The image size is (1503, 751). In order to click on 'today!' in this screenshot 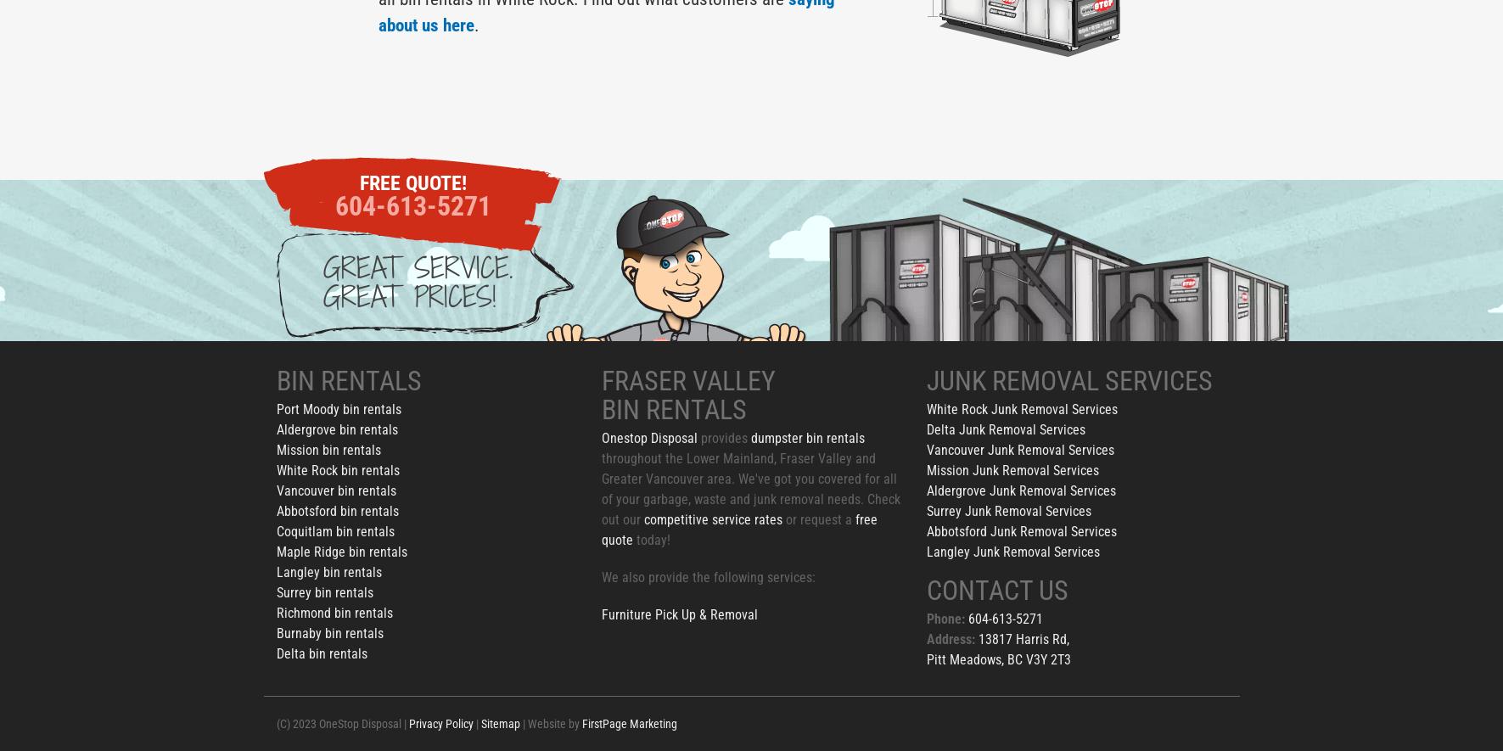, I will do `click(650, 539)`.